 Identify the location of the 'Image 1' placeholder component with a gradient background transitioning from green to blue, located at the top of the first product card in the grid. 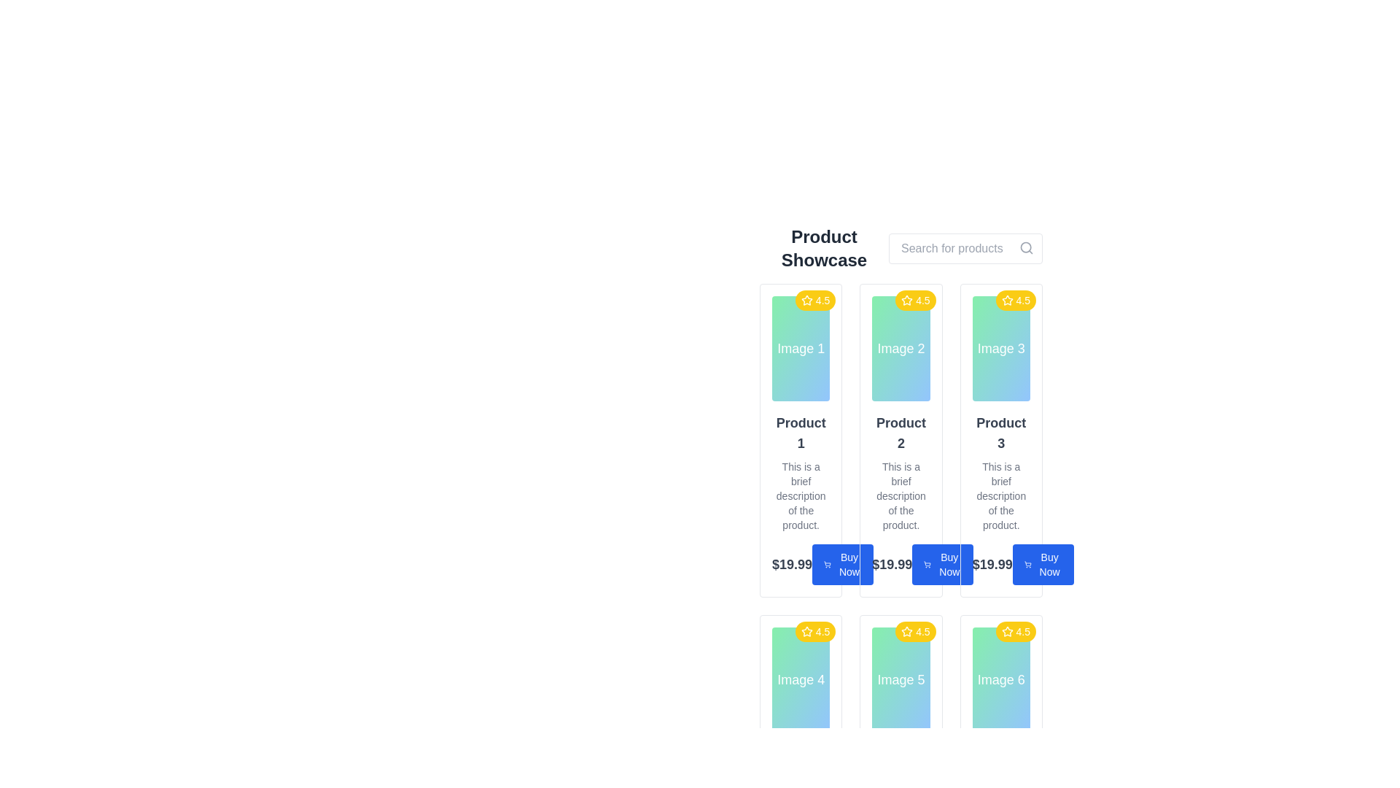
(800, 349).